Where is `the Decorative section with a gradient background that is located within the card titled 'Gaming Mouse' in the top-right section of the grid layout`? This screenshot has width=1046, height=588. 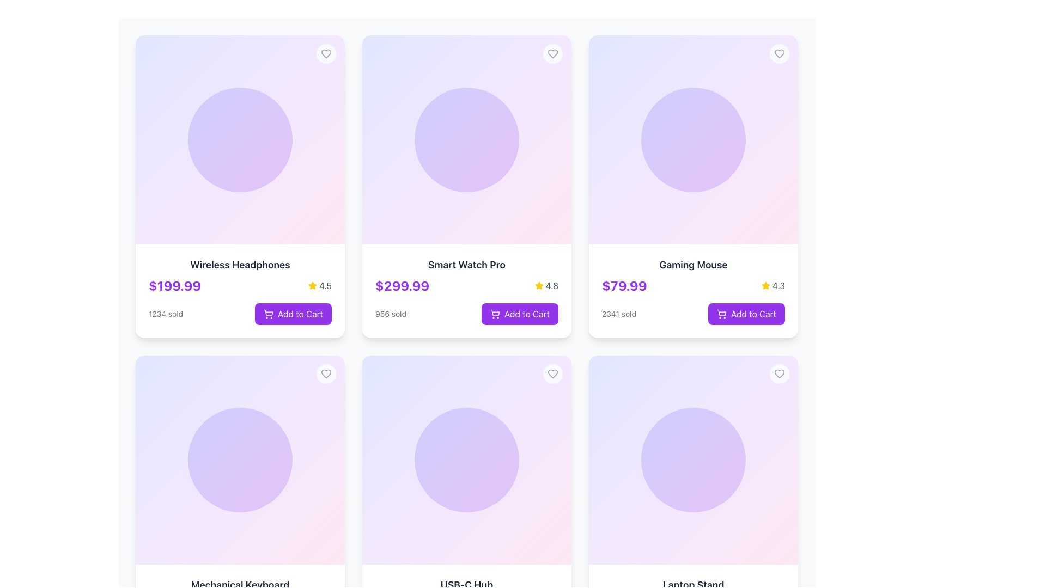 the Decorative section with a gradient background that is located within the card titled 'Gaming Mouse' in the top-right section of the grid layout is located at coordinates (692, 139).